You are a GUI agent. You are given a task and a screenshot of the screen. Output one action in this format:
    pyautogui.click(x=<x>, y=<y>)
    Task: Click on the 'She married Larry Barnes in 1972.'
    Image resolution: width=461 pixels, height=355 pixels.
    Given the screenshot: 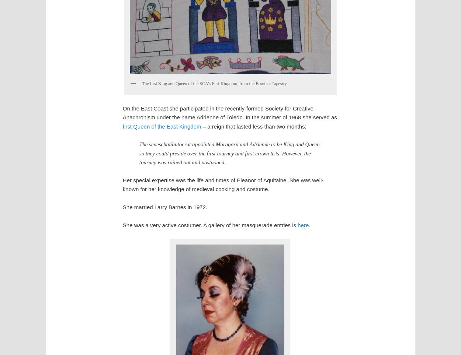 What is the action you would take?
    pyautogui.click(x=164, y=207)
    